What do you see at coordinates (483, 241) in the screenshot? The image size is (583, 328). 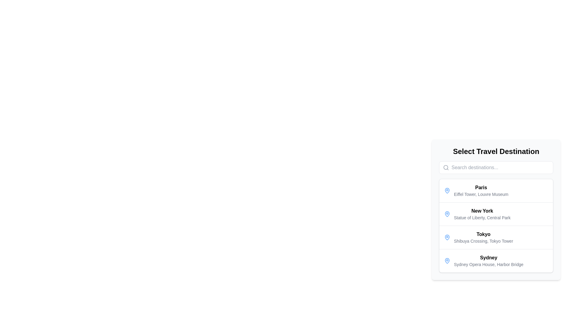 I see `additional descriptive information about the travel destination 'Tokyo', which is located directly beneath the bolded text 'Tokyo' in the third item of the vertical list of travel destinations` at bounding box center [483, 241].